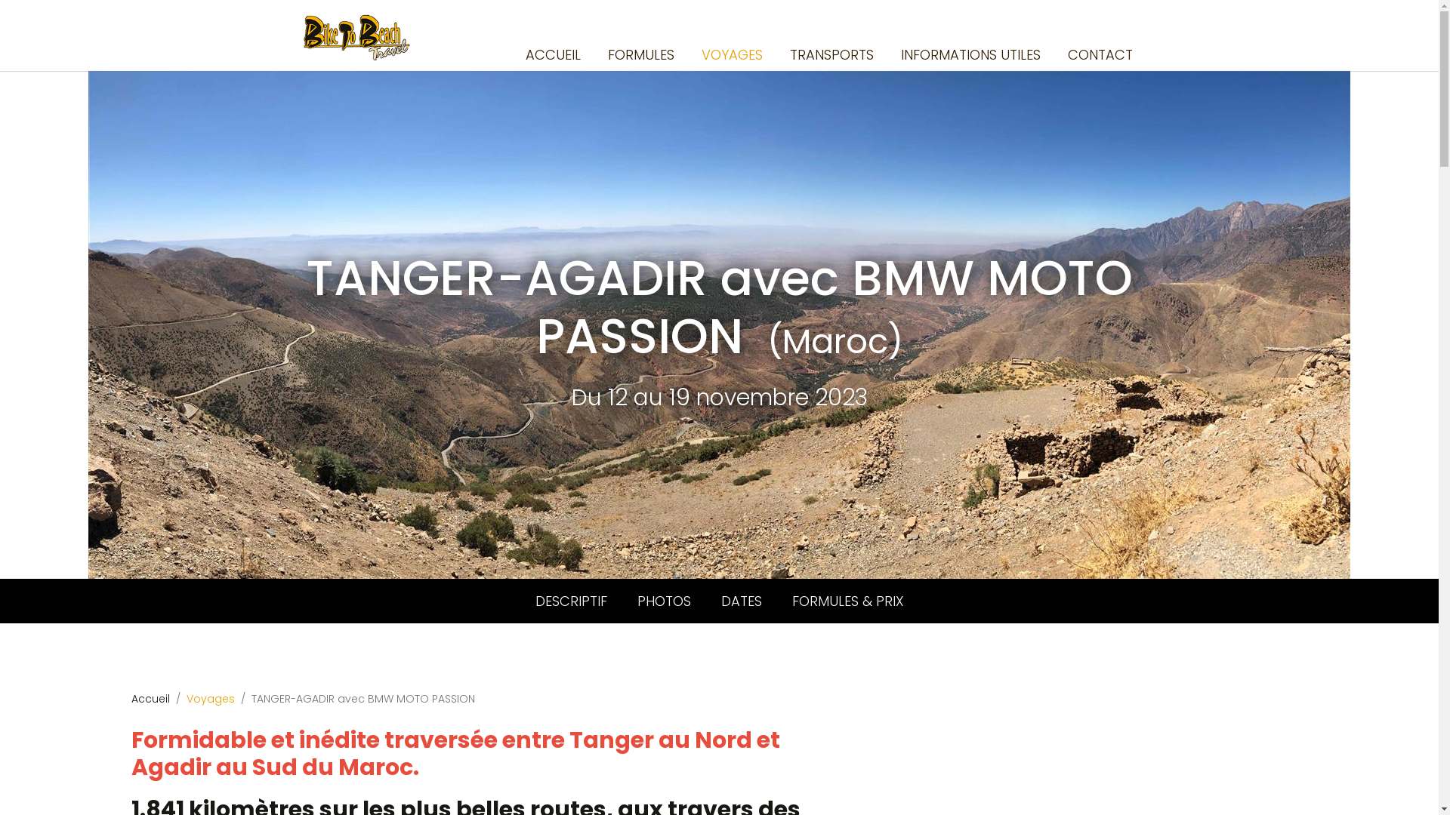 The height and width of the screenshot is (815, 1450). Describe the element at coordinates (552, 54) in the screenshot. I see `'ACCUEIL'` at that location.